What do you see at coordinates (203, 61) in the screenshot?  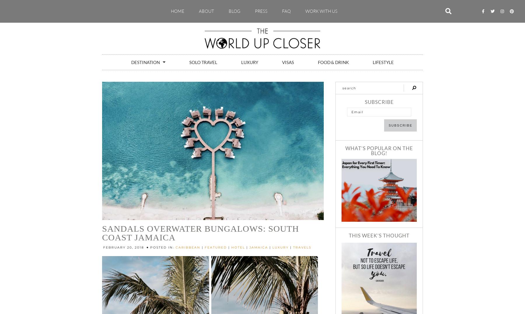 I see `'Solo Travel'` at bounding box center [203, 61].